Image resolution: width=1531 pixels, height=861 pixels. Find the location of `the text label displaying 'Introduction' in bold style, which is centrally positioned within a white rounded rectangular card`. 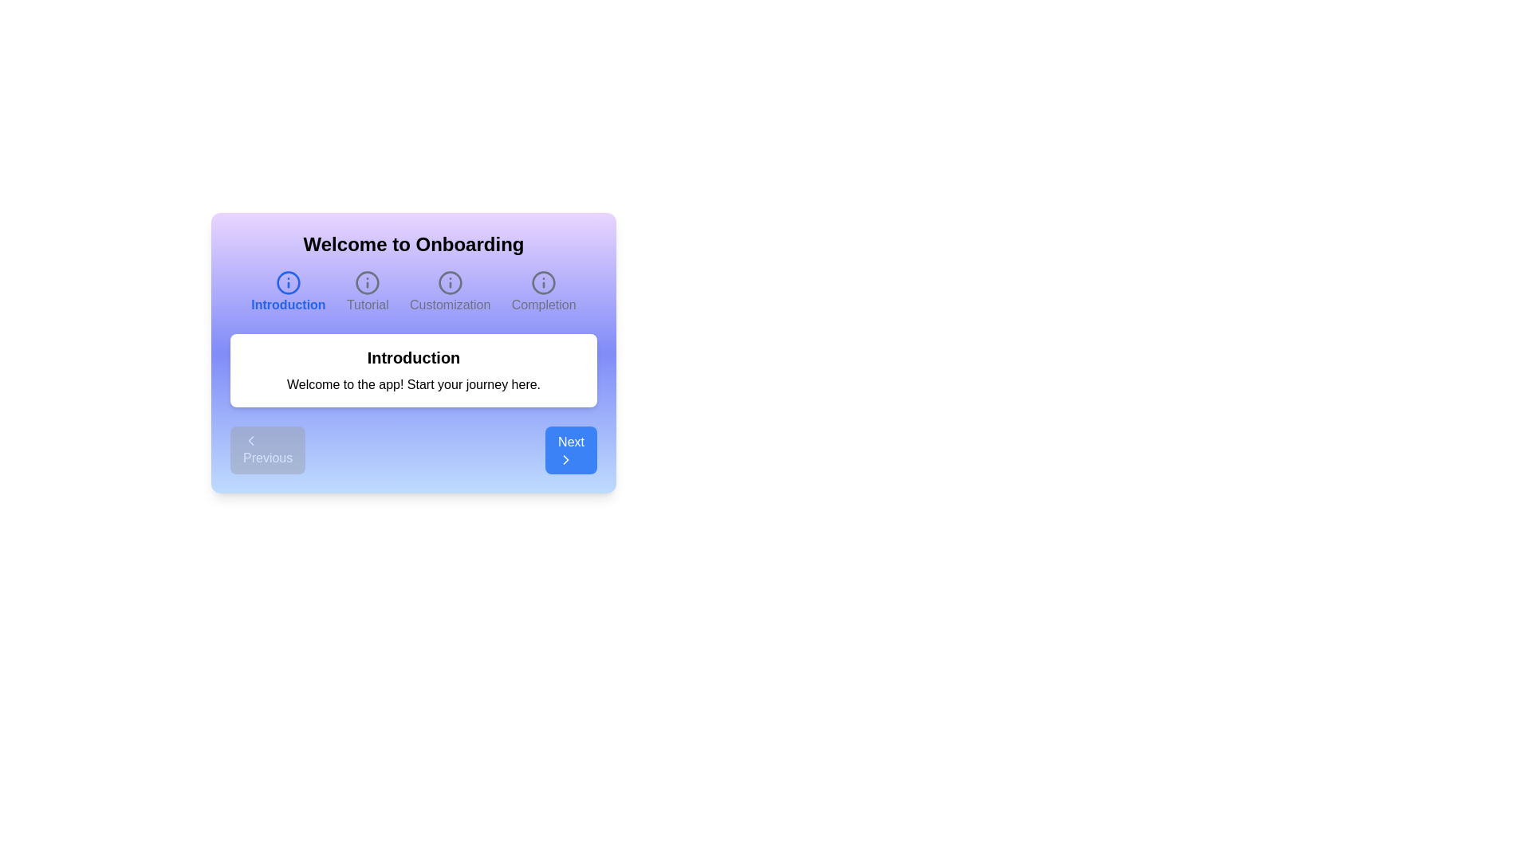

the text label displaying 'Introduction' in bold style, which is centrally positioned within a white rounded rectangular card is located at coordinates (413, 356).